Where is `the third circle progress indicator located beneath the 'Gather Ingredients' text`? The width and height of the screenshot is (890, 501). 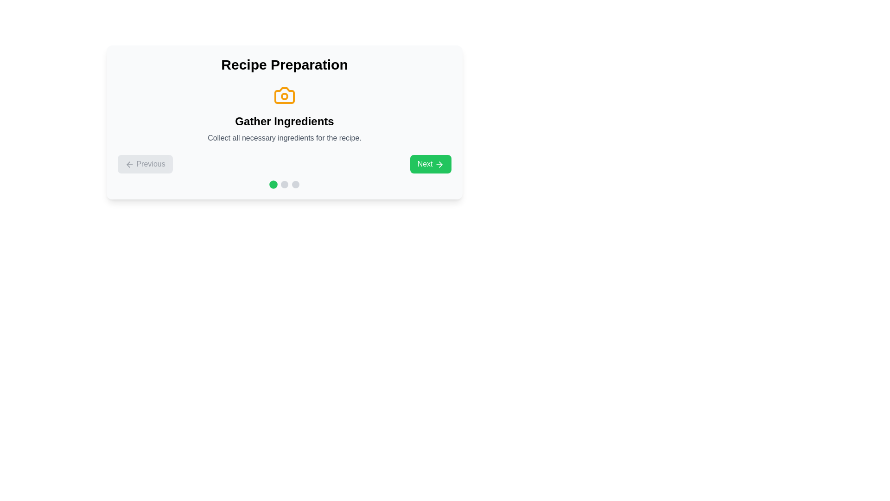
the third circle progress indicator located beneath the 'Gather Ingredients' text is located at coordinates (295, 184).